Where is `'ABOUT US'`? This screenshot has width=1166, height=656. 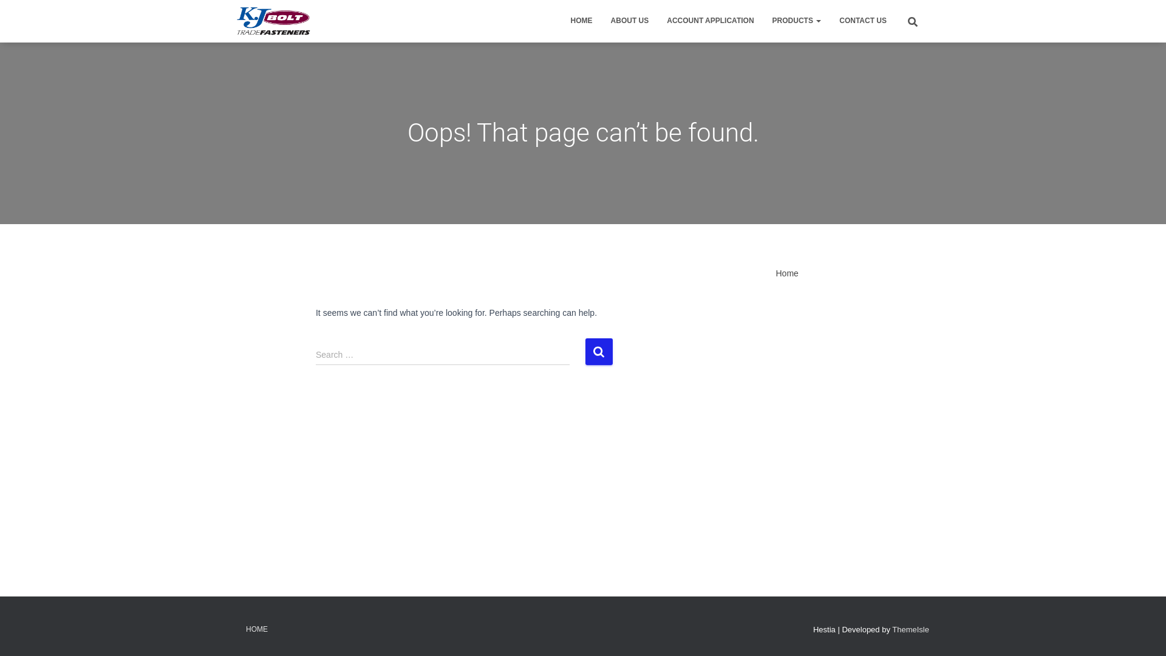 'ABOUT US' is located at coordinates (630, 21).